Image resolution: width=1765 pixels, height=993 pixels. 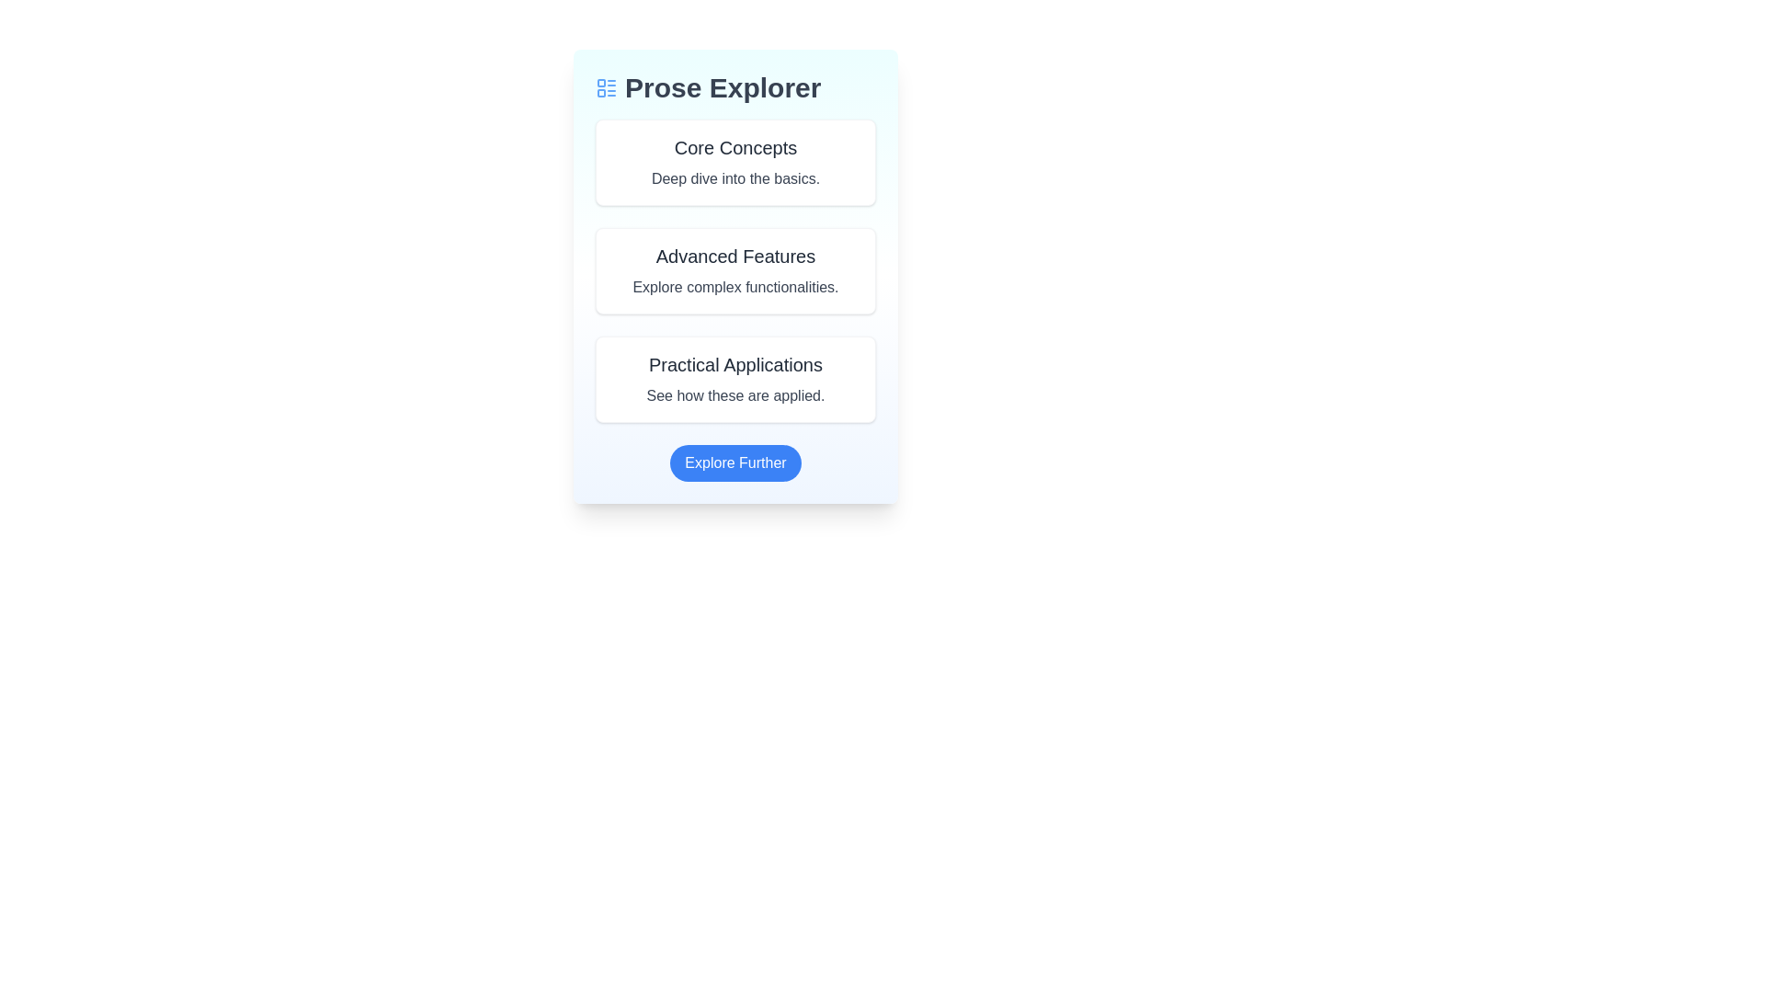 I want to click on the title text element that serves as the heading for its respective card, positioned at the top of the vertically organized set of cards, so click(x=735, y=147).